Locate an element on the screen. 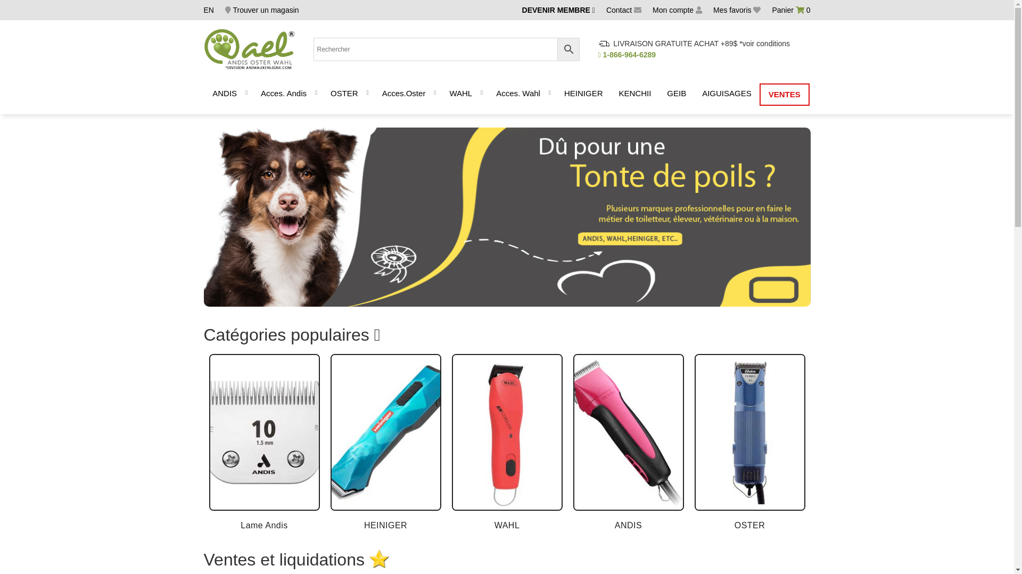 Image resolution: width=1022 pixels, height=574 pixels. 'AIGUISAGES' is located at coordinates (726, 94).